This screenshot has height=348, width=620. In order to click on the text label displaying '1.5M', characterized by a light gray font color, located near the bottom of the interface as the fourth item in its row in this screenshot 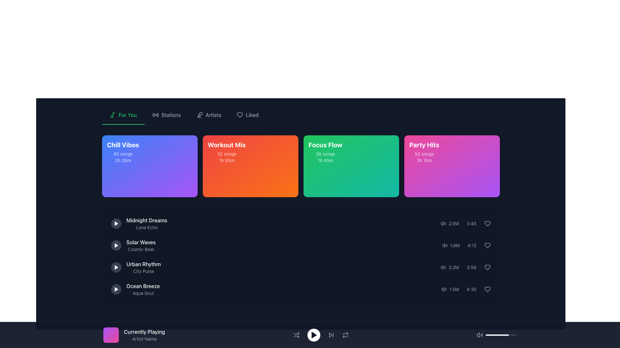, I will do `click(454, 289)`.